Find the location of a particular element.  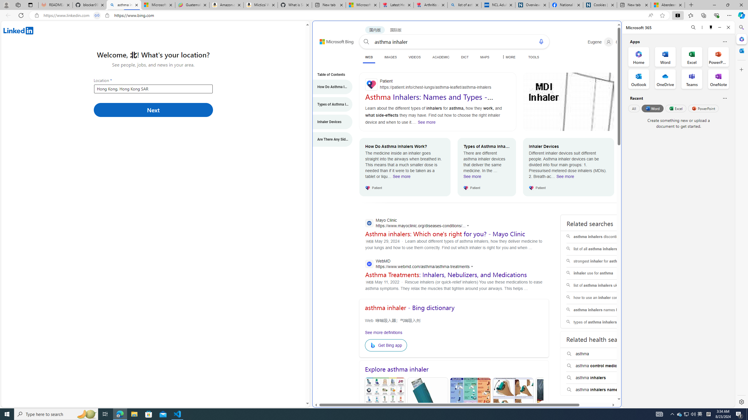

'Back to Bing search' is located at coordinates (333, 40).